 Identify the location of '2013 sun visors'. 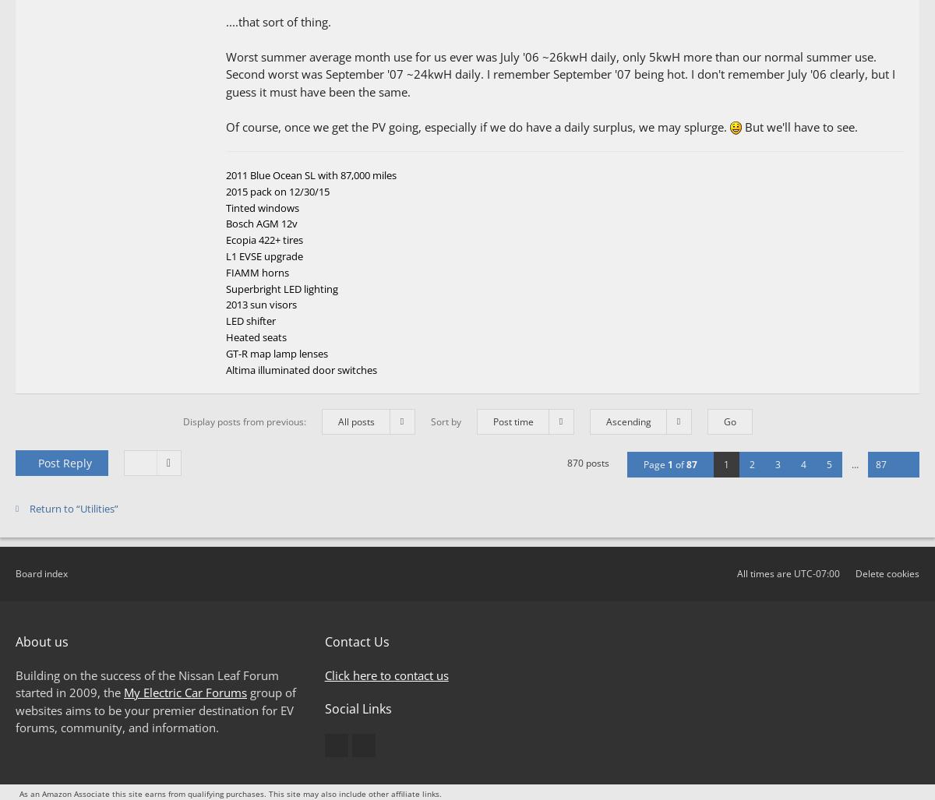
(261, 304).